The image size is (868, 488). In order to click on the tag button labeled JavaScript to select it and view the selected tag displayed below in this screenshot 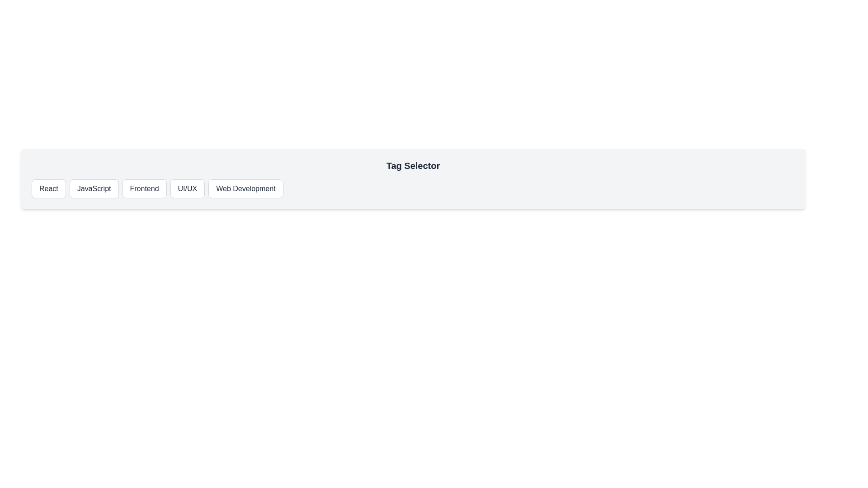, I will do `click(94, 188)`.